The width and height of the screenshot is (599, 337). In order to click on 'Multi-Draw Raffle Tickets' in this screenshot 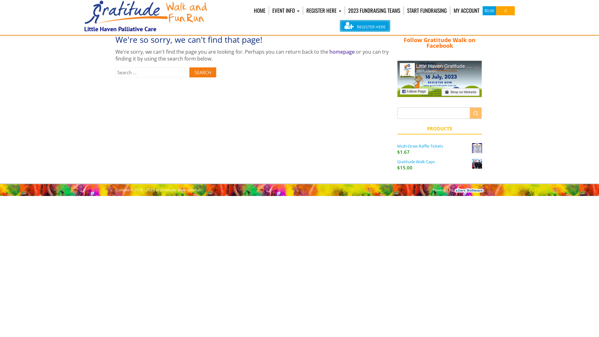, I will do `click(439, 146)`.